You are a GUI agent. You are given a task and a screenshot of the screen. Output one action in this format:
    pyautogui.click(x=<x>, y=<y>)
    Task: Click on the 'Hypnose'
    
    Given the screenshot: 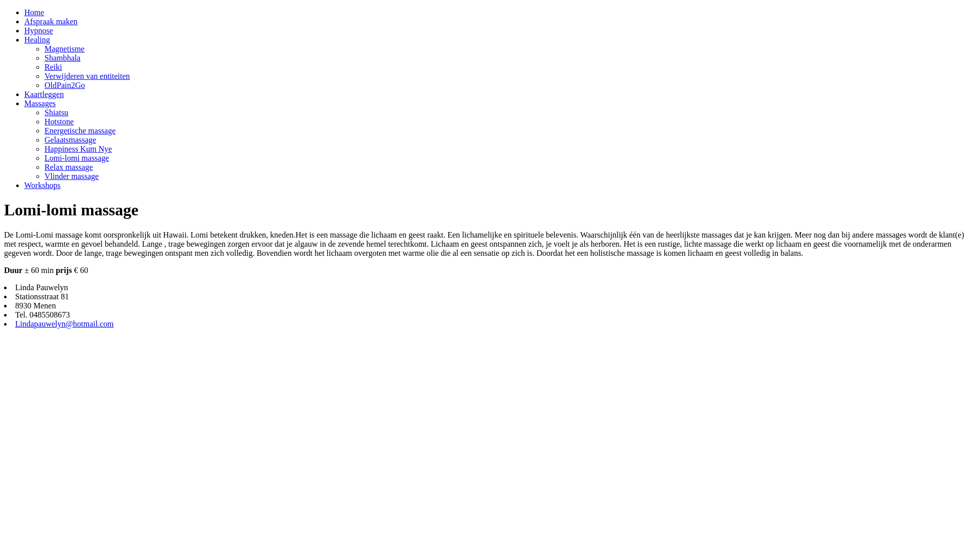 What is the action you would take?
    pyautogui.click(x=38, y=30)
    